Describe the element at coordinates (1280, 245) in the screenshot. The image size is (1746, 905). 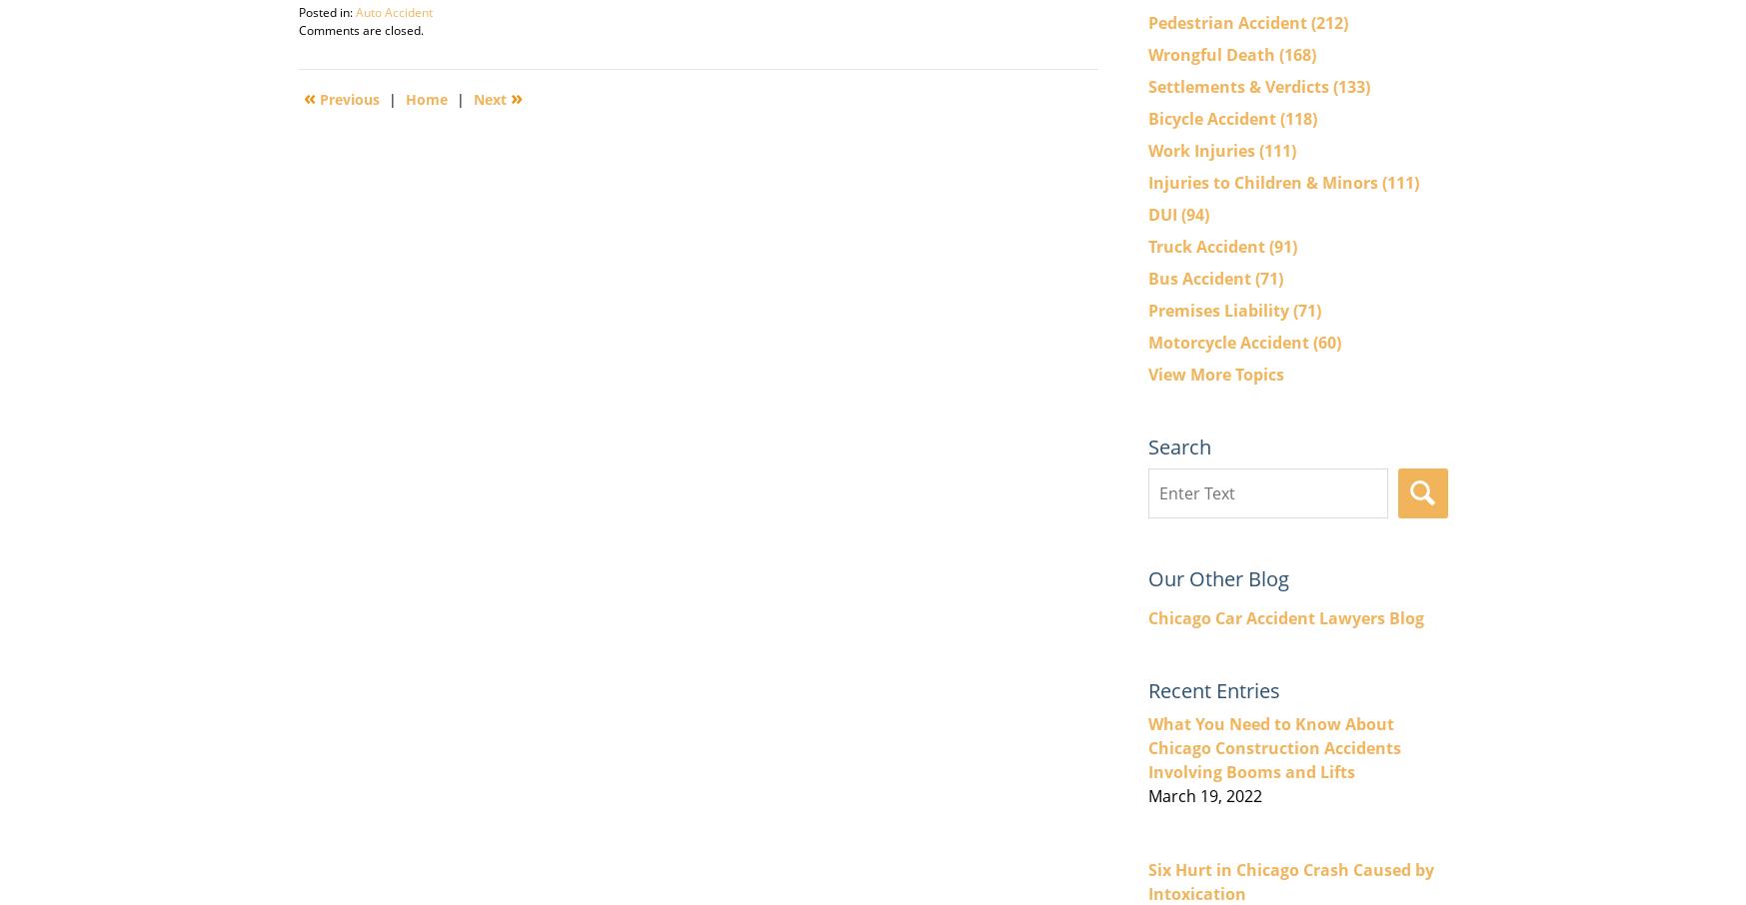
I see `'(91)'` at that location.